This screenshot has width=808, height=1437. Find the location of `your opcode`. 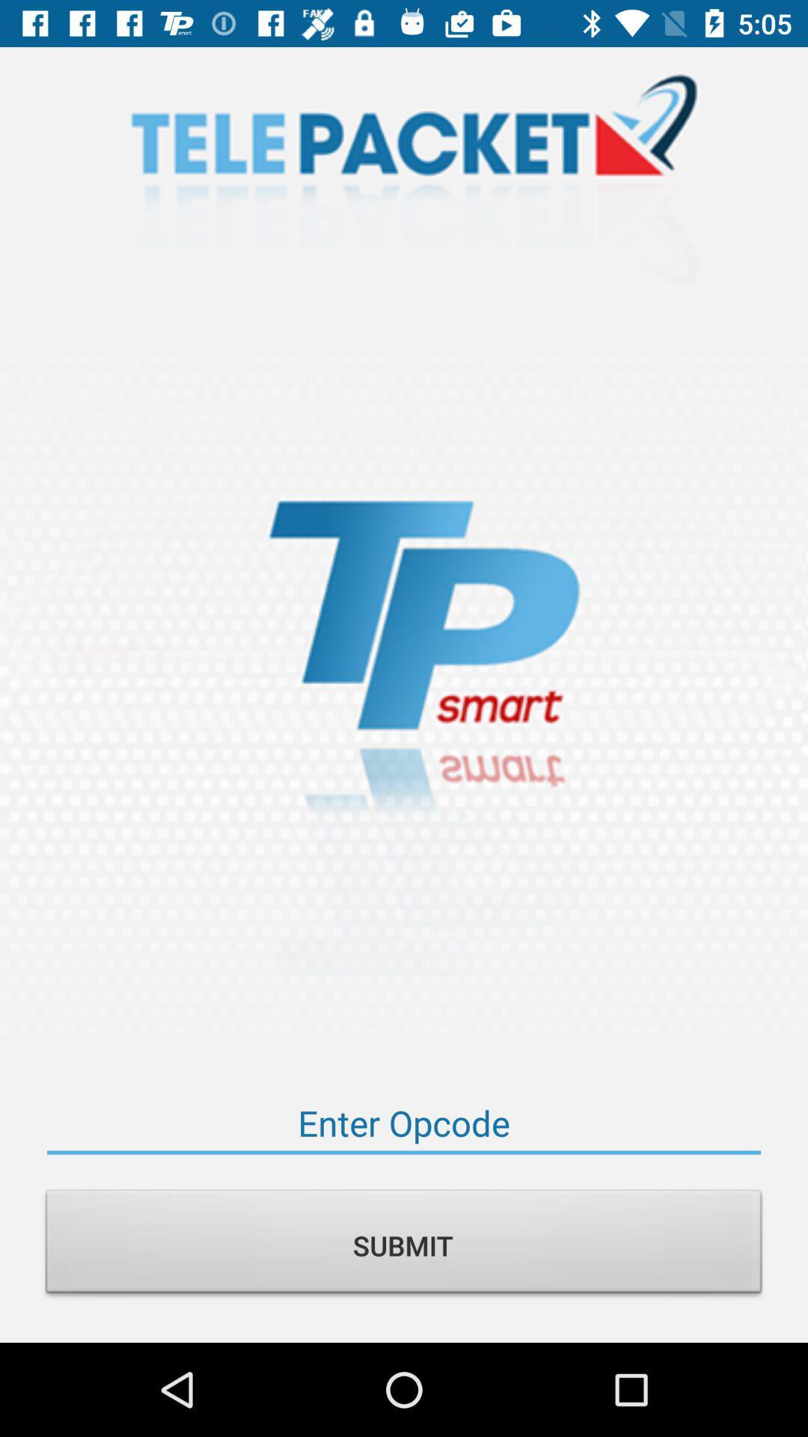

your opcode is located at coordinates (404, 1123).